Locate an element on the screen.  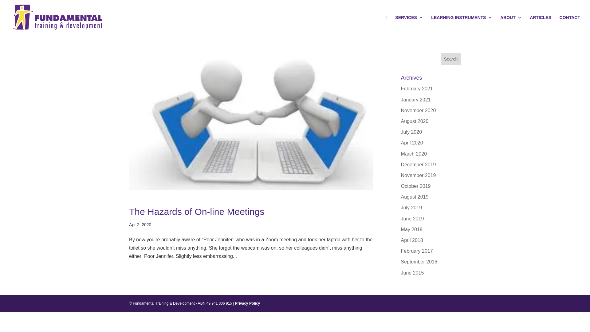
'February 2017' is located at coordinates (401, 251).